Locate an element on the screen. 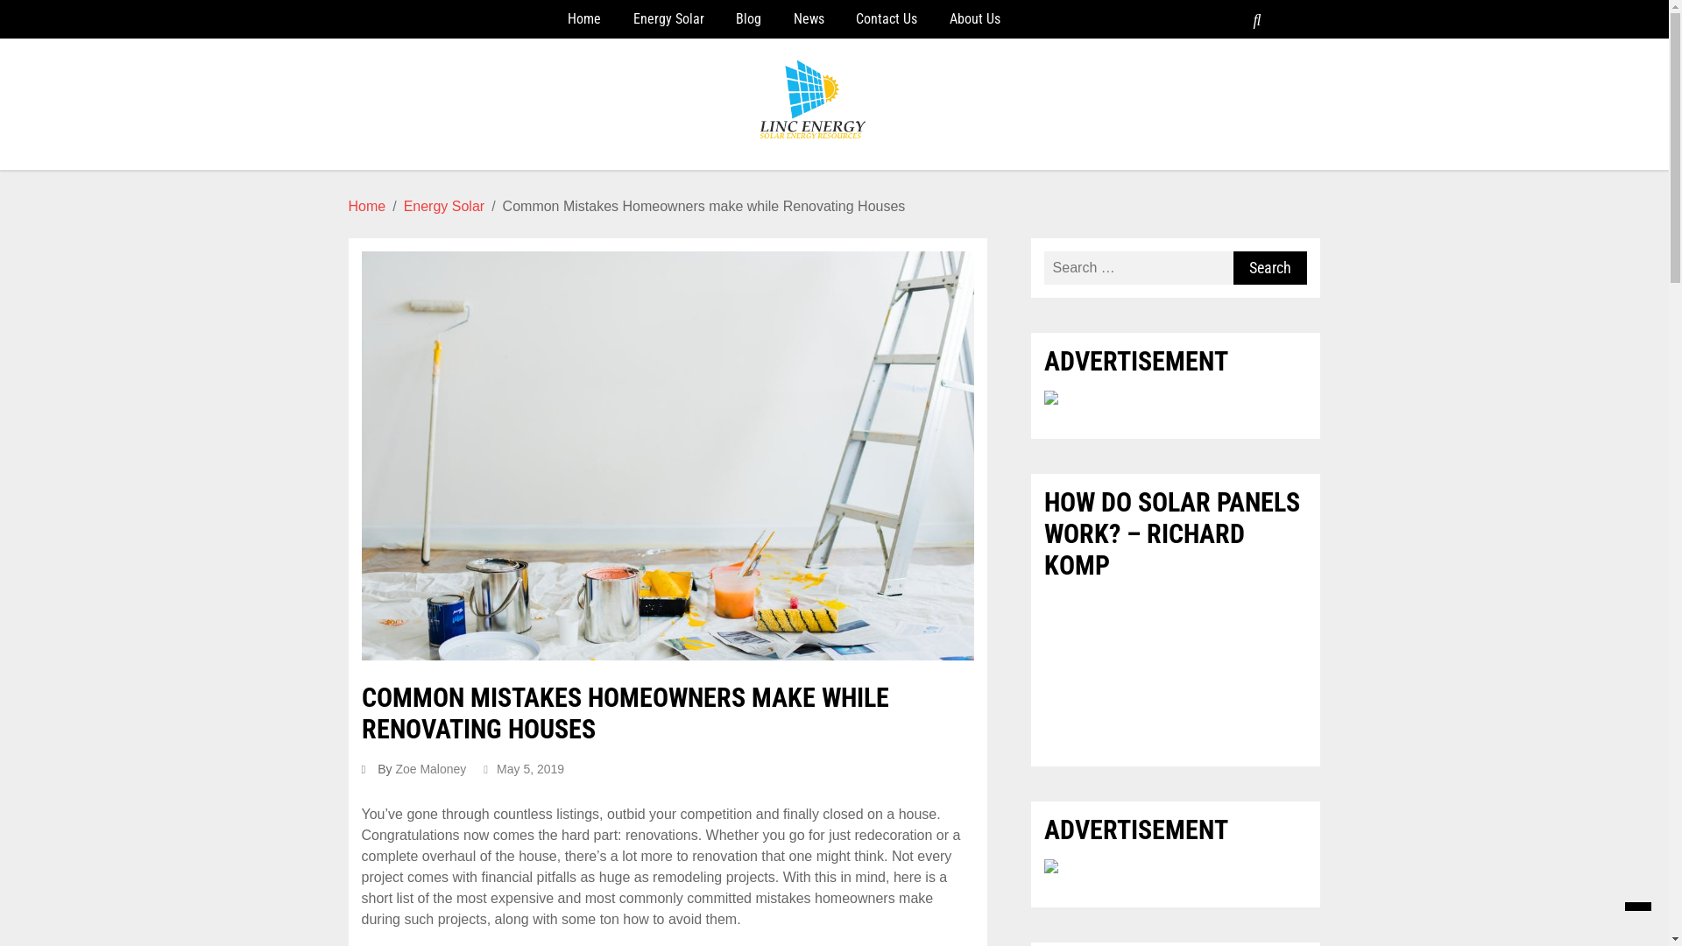 Image resolution: width=1682 pixels, height=946 pixels. 'Energy Solar' is located at coordinates (668, 19).